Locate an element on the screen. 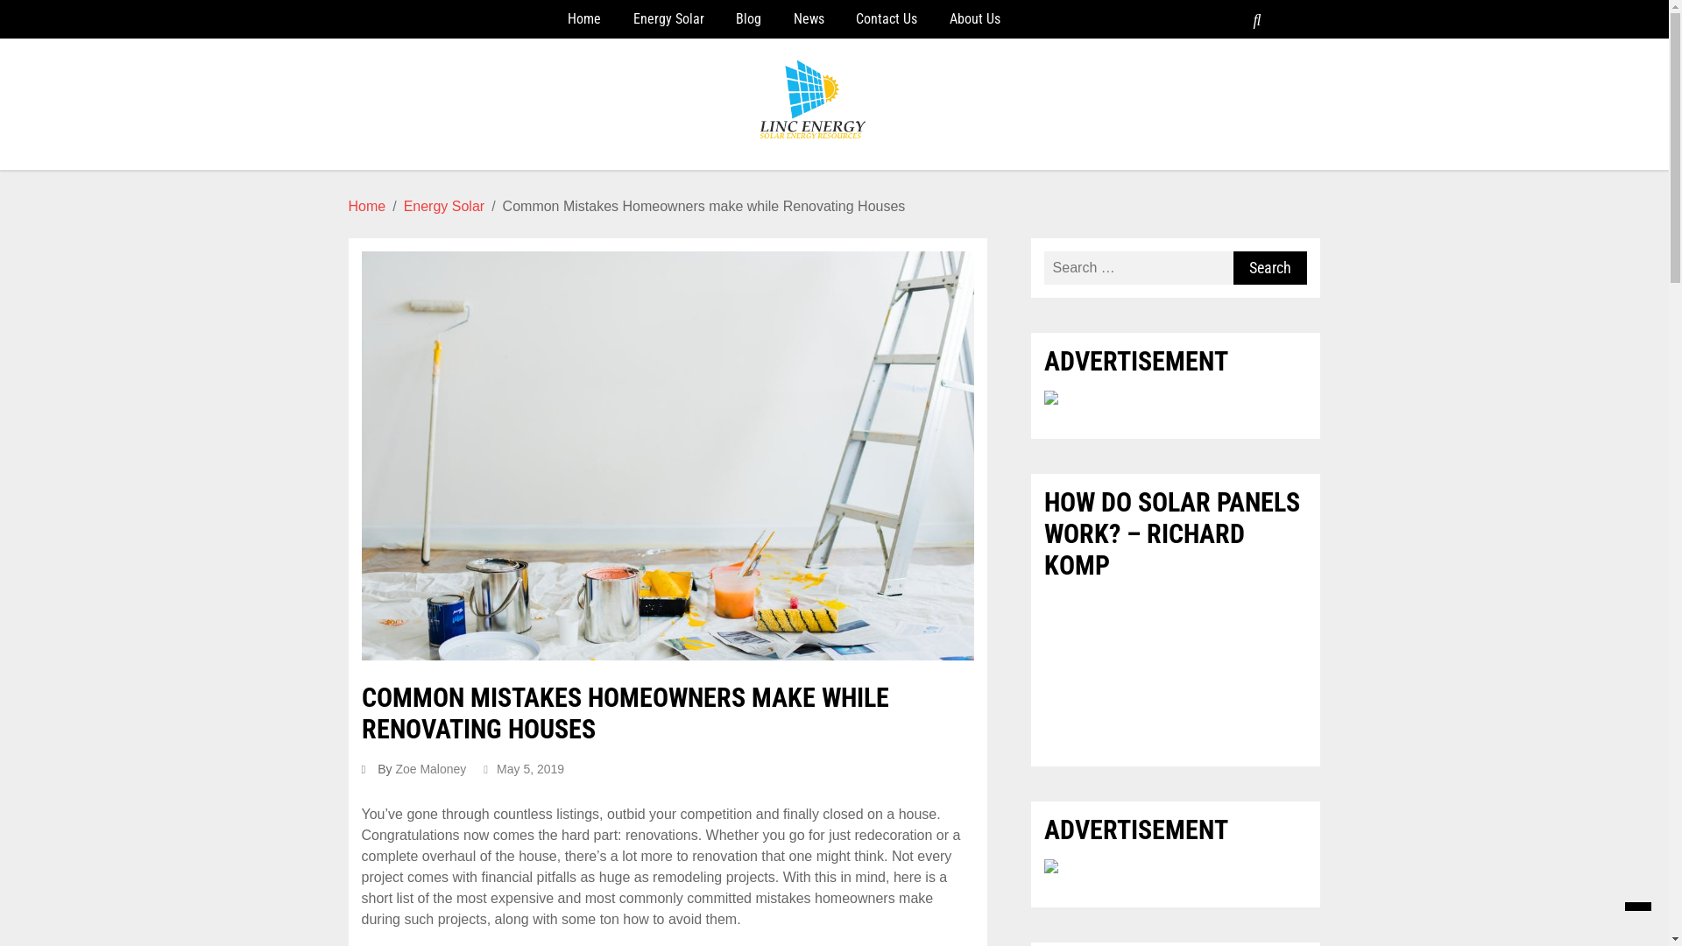 Image resolution: width=1682 pixels, height=946 pixels. 'Energy Solar' is located at coordinates (668, 19).